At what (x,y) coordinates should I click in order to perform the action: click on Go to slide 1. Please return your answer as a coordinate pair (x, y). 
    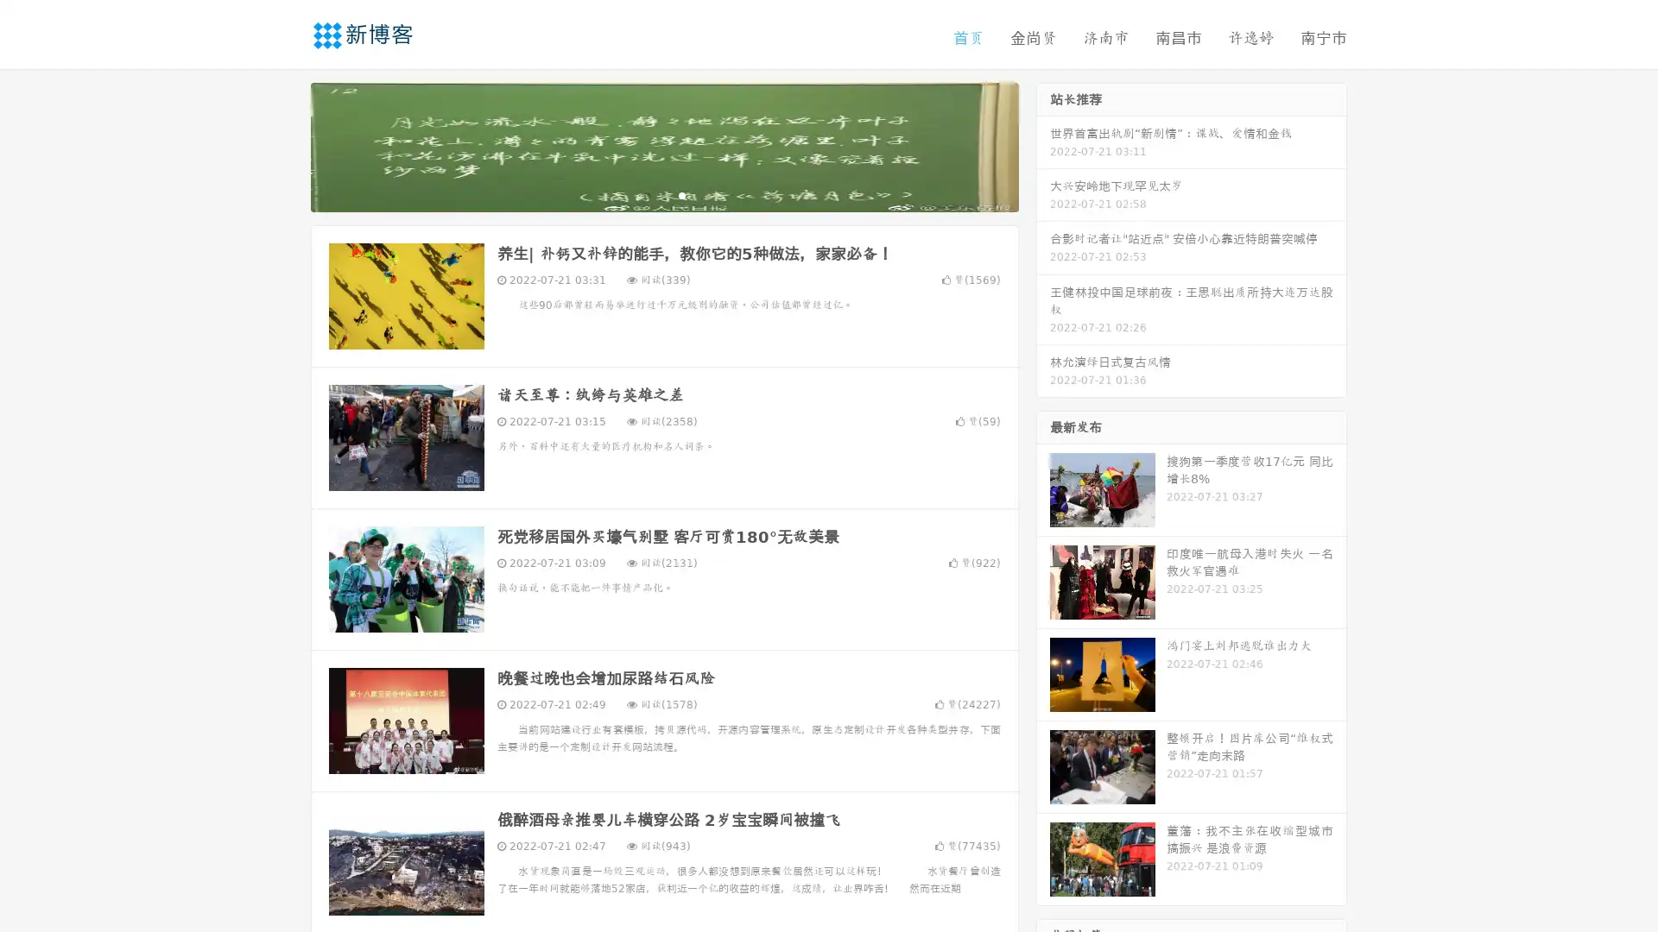
    Looking at the image, I should click on (646, 194).